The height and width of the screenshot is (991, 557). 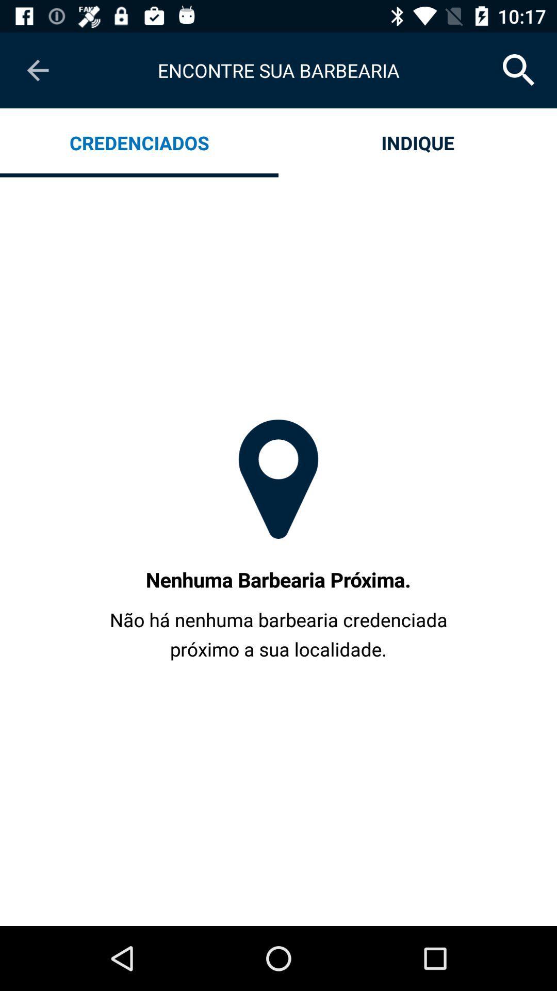 I want to click on the credenciados app, so click(x=139, y=142).